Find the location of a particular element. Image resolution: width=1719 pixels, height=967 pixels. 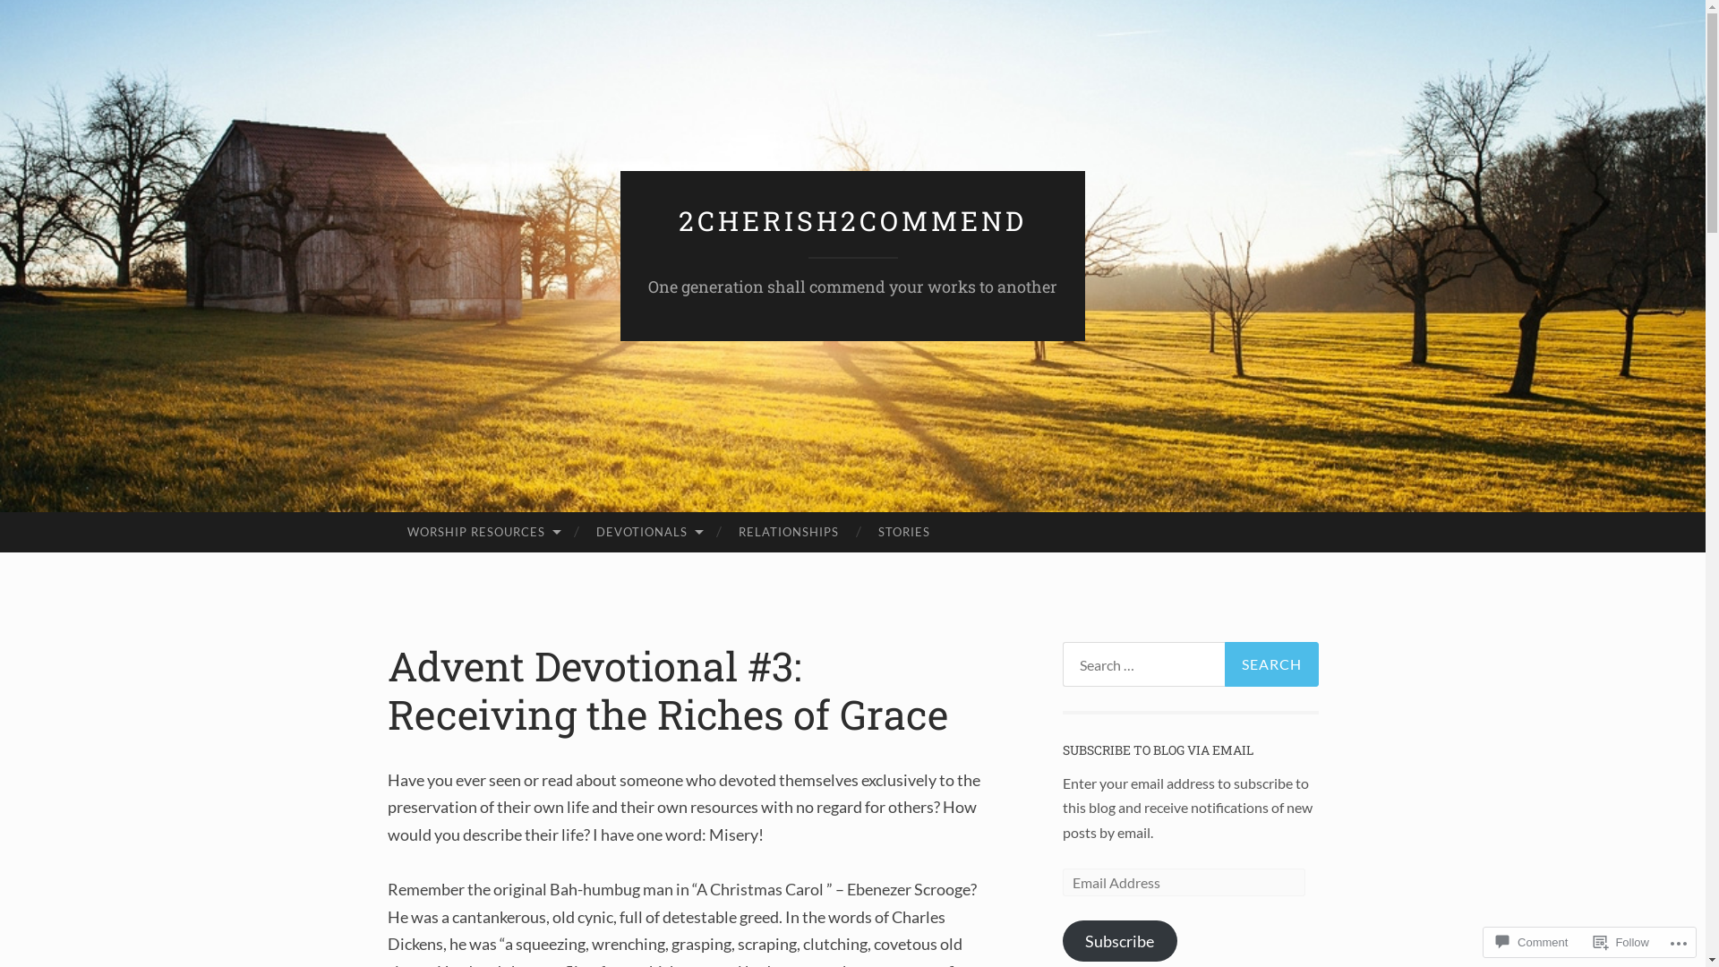

'Search' is located at coordinates (1270, 663).